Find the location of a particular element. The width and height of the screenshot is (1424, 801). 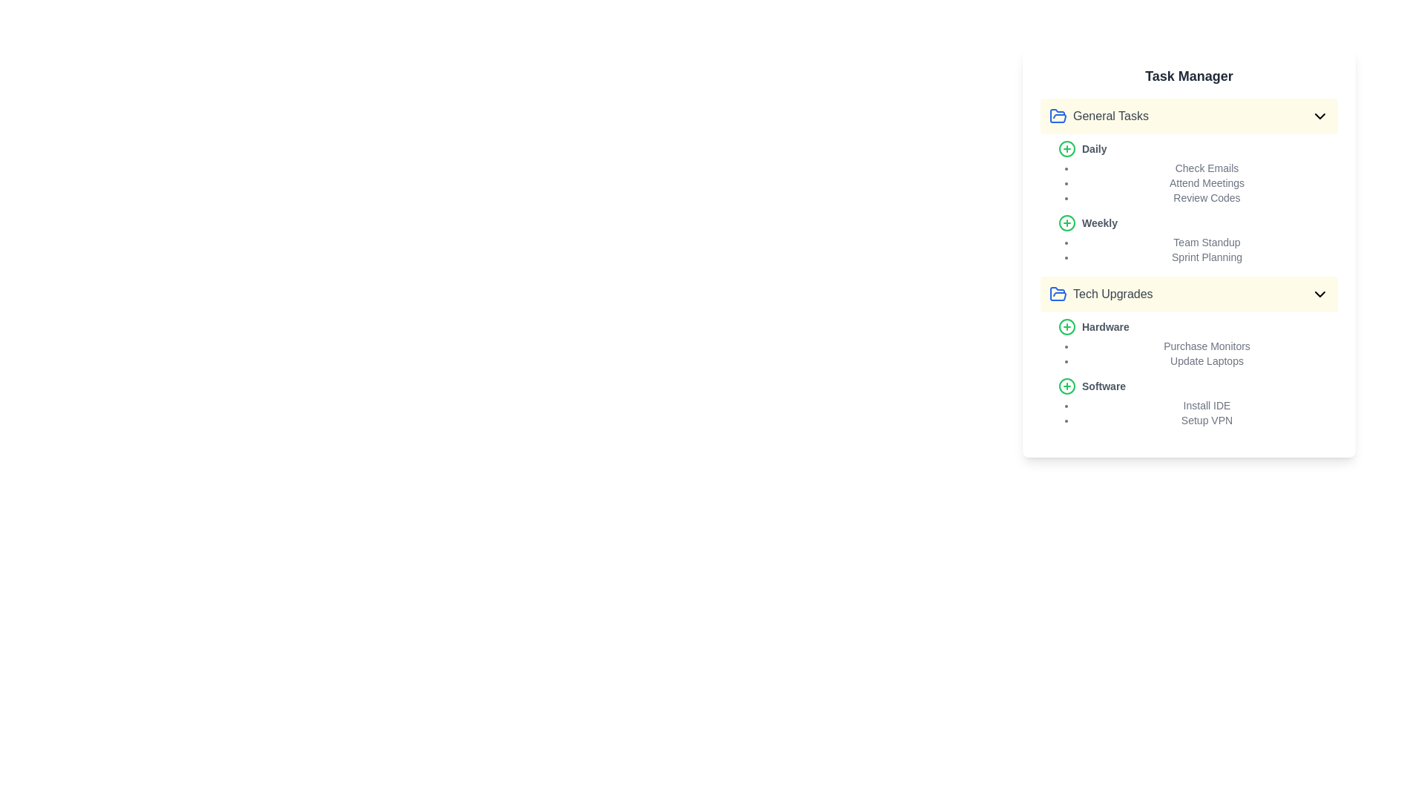

the bulleted list item displaying 'Install IDE' and 'Setup VPN' in the 'Software' section of the 'Tech Upgrades' category in the 'Task Manager' interface is located at coordinates (1198, 412).